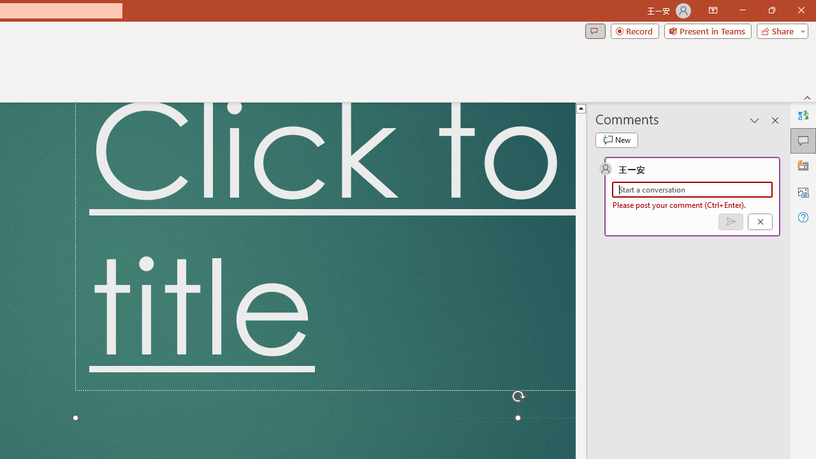 This screenshot has width=816, height=459. Describe the element at coordinates (803, 115) in the screenshot. I see `'Translator'` at that location.